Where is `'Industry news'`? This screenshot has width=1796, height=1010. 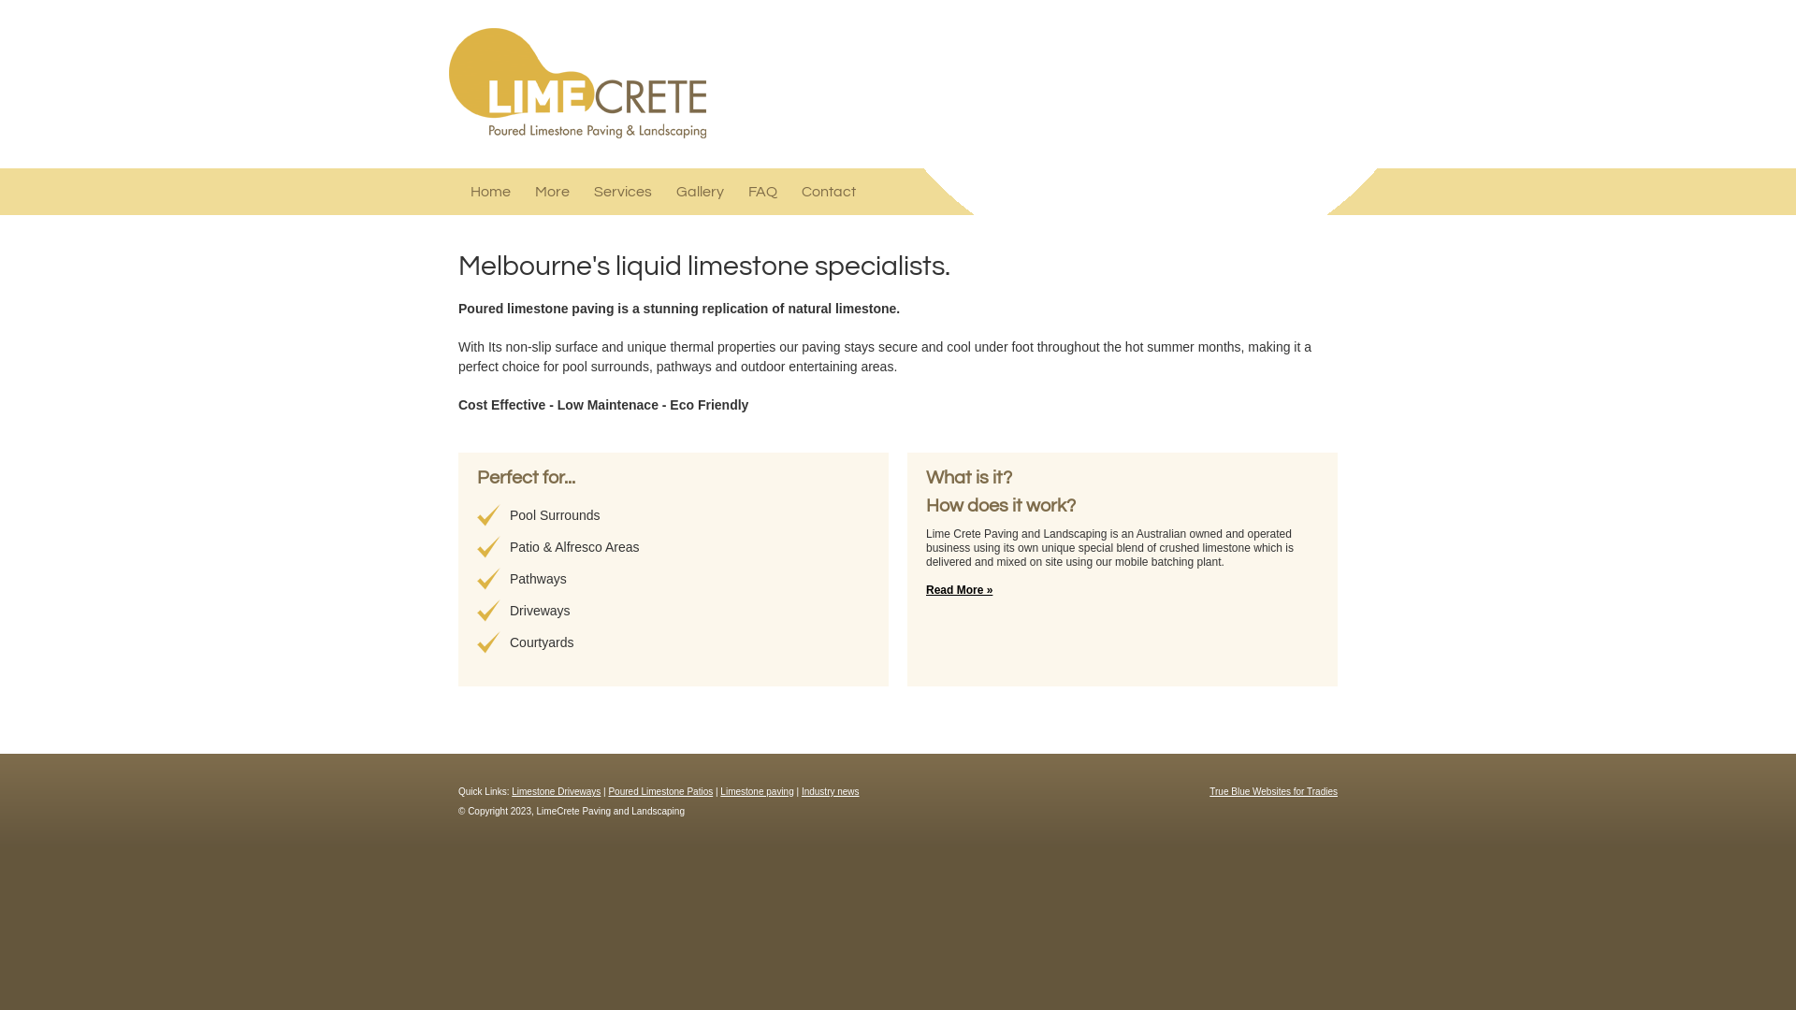
'Industry news' is located at coordinates (830, 791).